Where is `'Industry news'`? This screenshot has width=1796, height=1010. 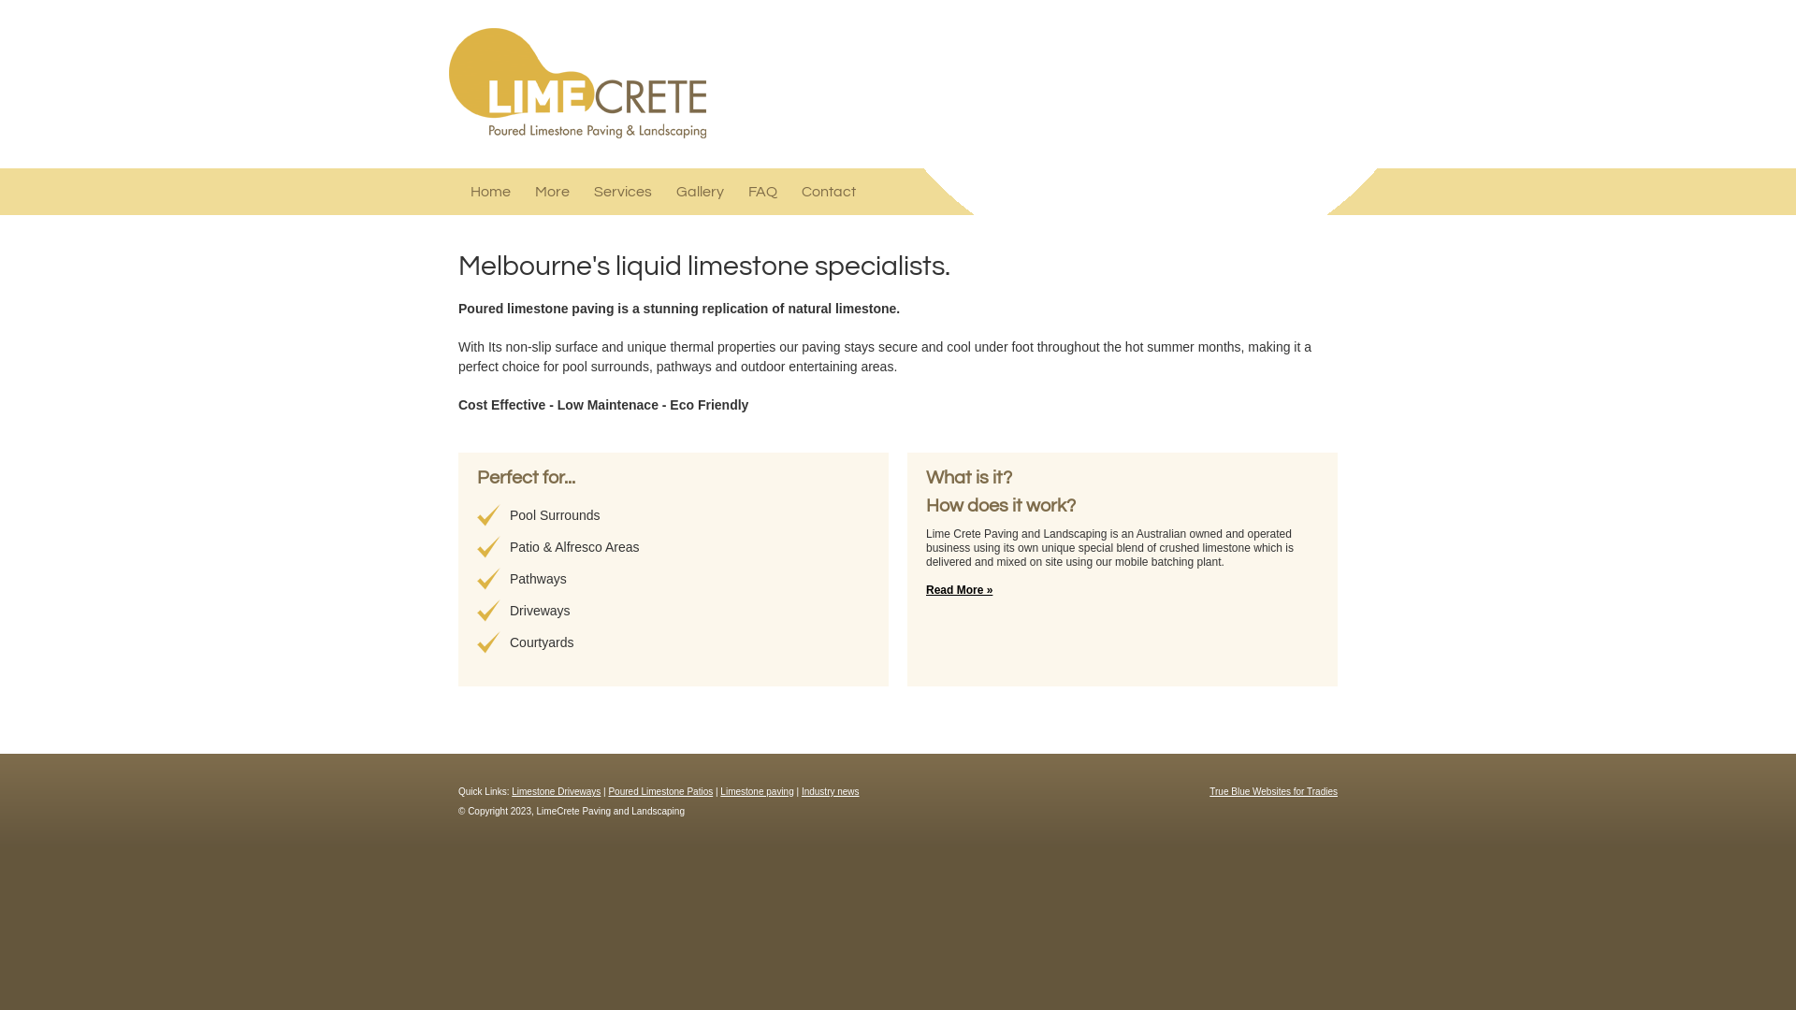
'Industry news' is located at coordinates (830, 791).